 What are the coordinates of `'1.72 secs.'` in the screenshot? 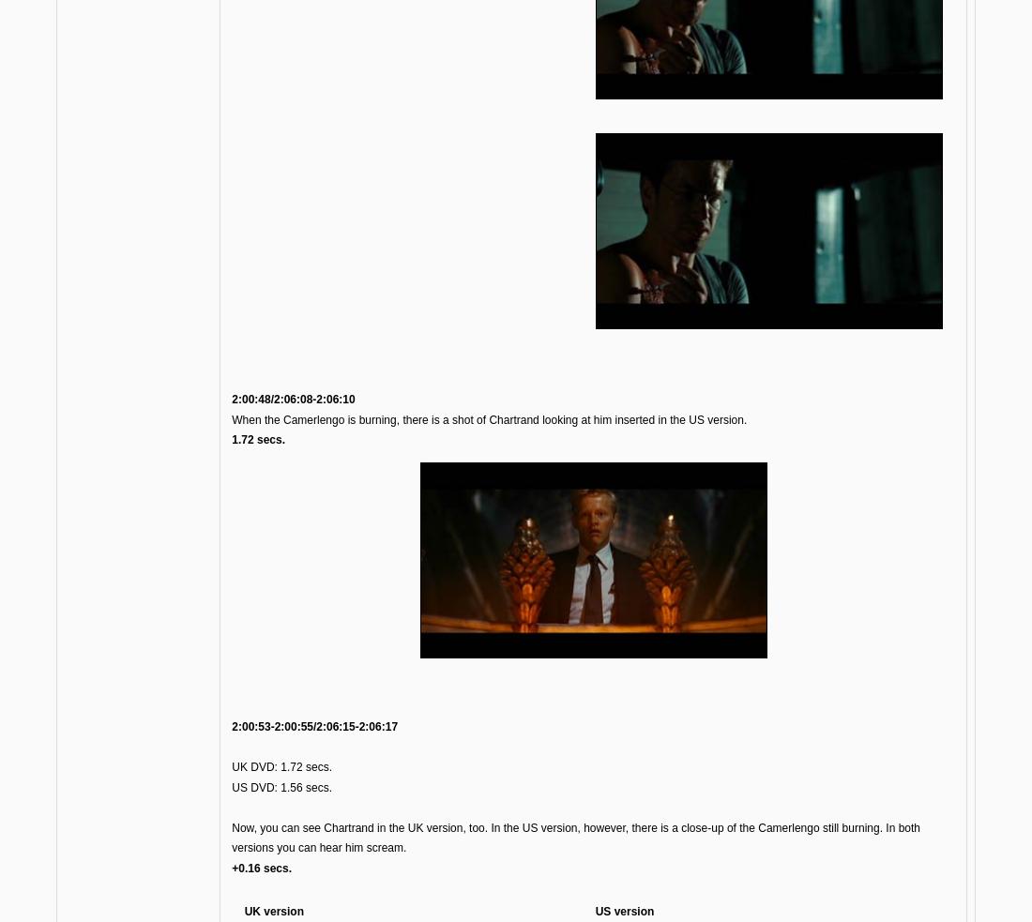 It's located at (258, 438).